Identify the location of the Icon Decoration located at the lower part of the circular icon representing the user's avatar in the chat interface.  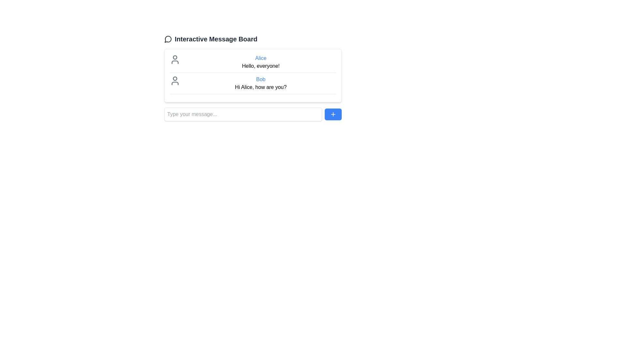
(175, 83).